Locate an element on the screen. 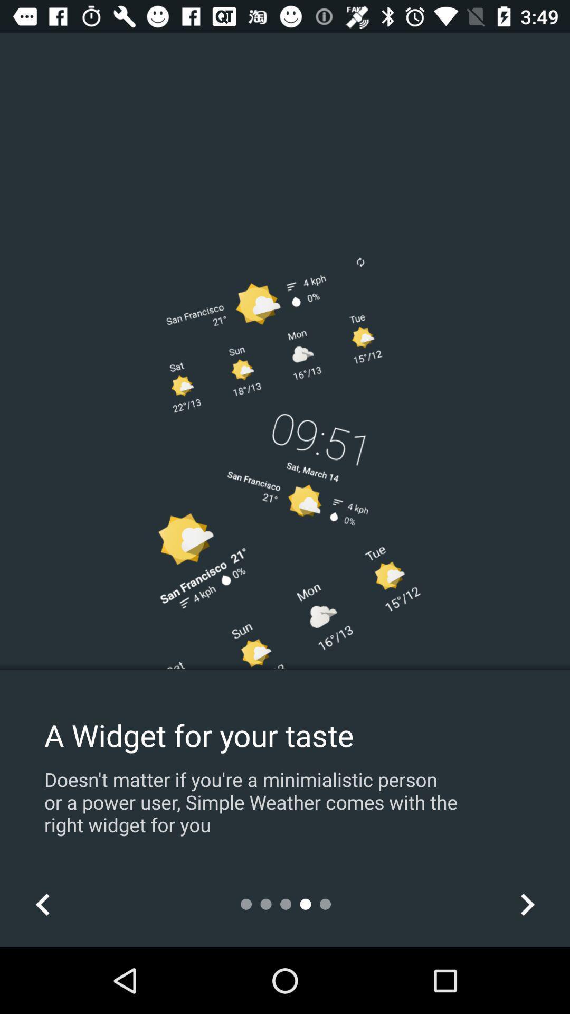 The image size is (570, 1014). the arrow_forward icon is located at coordinates (527, 904).